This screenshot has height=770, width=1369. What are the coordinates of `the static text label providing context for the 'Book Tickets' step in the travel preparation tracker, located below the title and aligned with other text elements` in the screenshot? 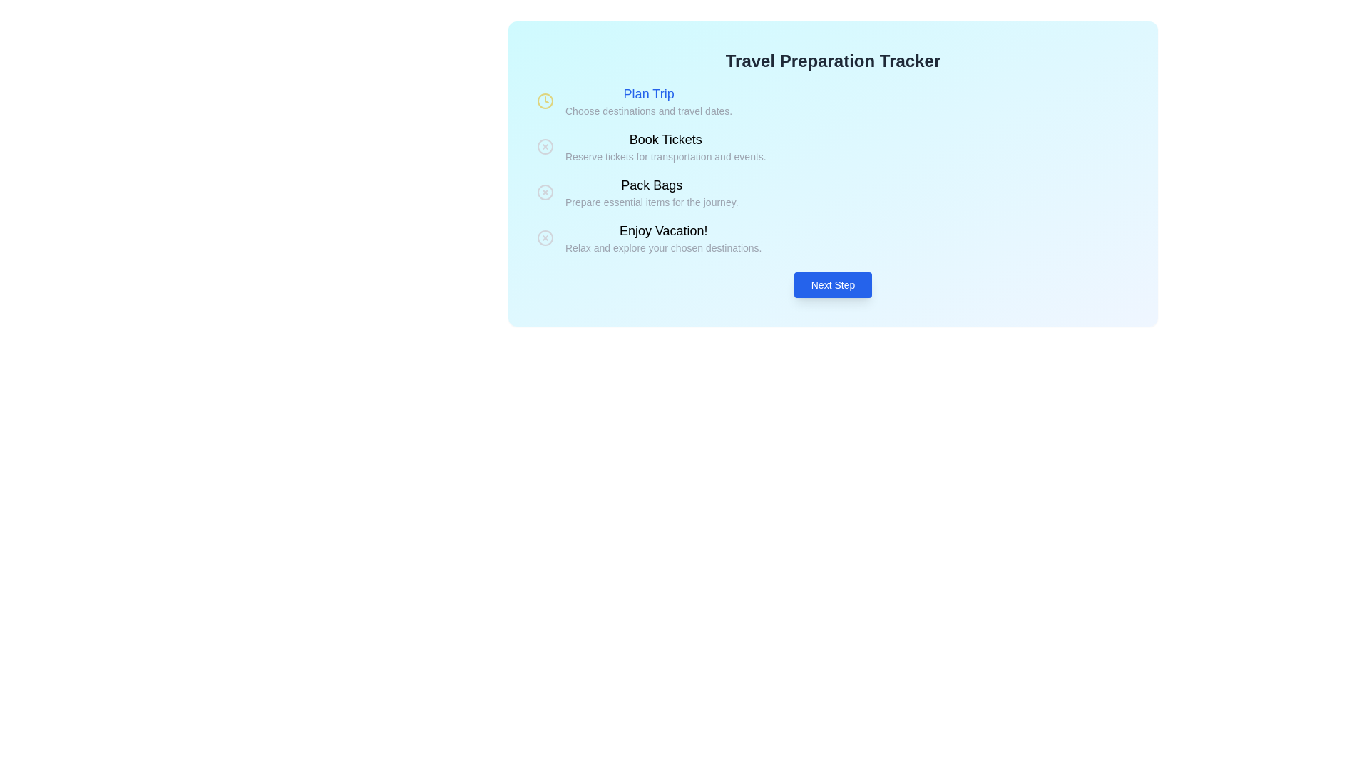 It's located at (665, 156).